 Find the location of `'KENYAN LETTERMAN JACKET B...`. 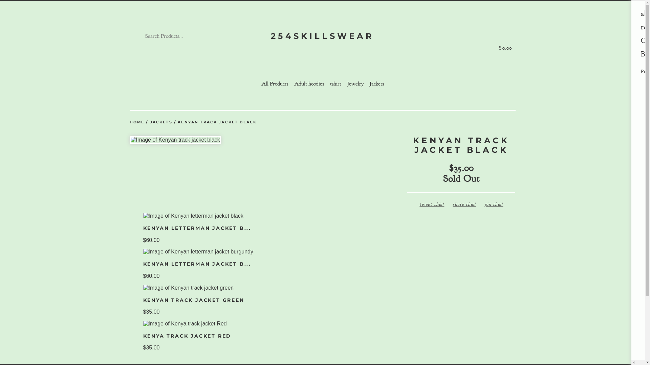

'KENYAN LETTERMAN JACKET B... is located at coordinates (322, 228).